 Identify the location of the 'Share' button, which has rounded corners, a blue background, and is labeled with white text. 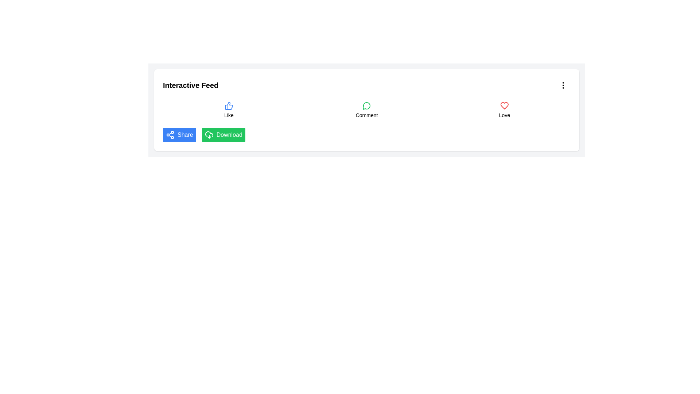
(179, 135).